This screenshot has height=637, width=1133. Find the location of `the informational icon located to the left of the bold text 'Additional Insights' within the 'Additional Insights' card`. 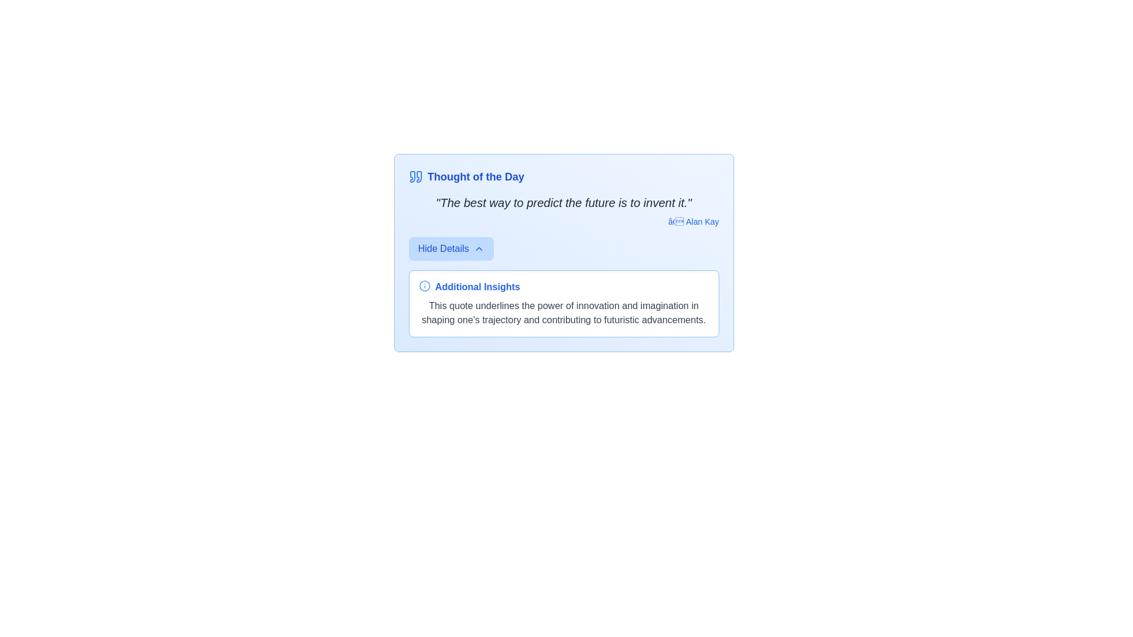

the informational icon located to the left of the bold text 'Additional Insights' within the 'Additional Insights' card is located at coordinates (424, 286).